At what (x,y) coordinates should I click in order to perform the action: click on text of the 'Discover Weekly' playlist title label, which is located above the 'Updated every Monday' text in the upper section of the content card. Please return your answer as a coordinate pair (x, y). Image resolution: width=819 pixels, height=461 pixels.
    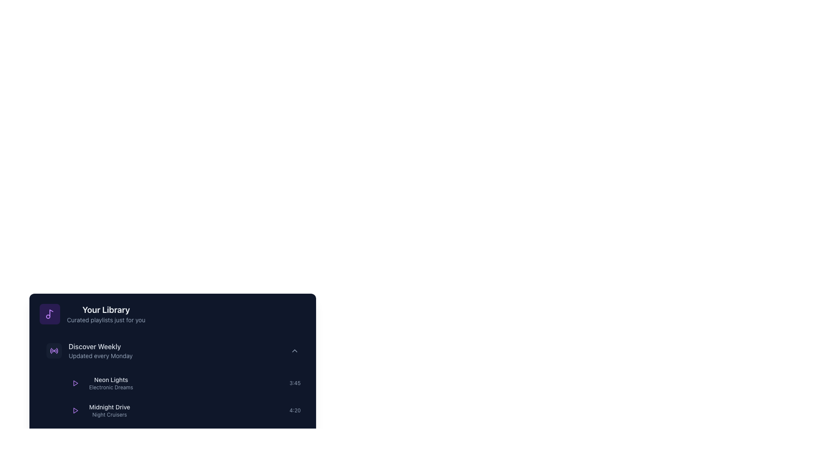
    Looking at the image, I should click on (101, 347).